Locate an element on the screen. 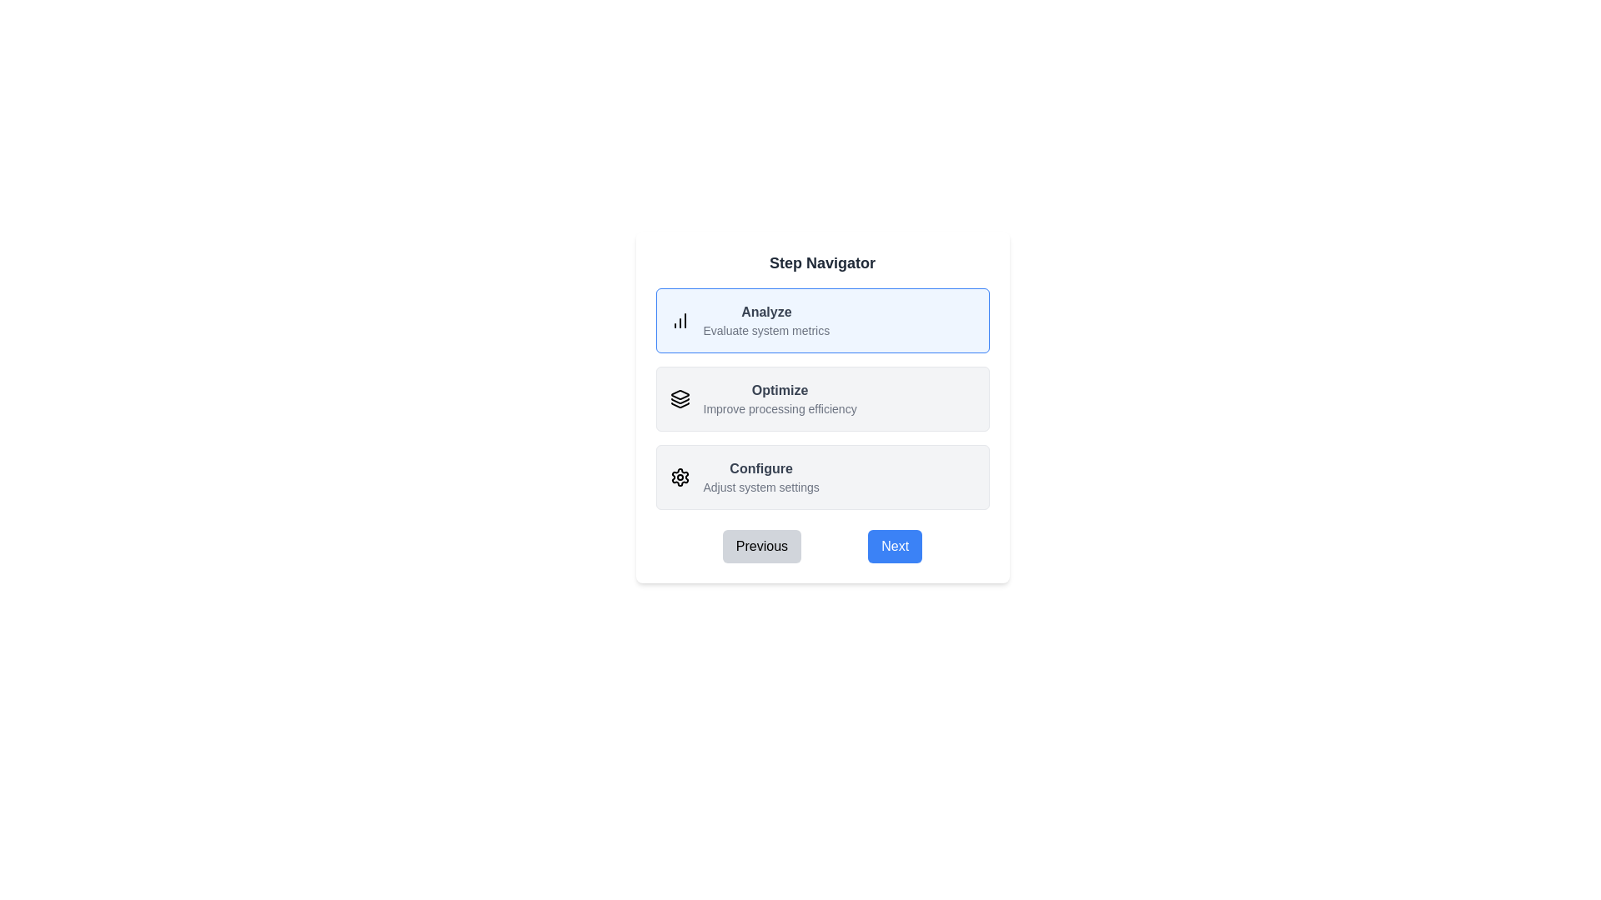 This screenshot has height=900, width=1601. the middle icon in the group of three icons in the Step Navigator interface, which visually represents optimization or layering and is located near the text 'Optimize' is located at coordinates (680, 401).